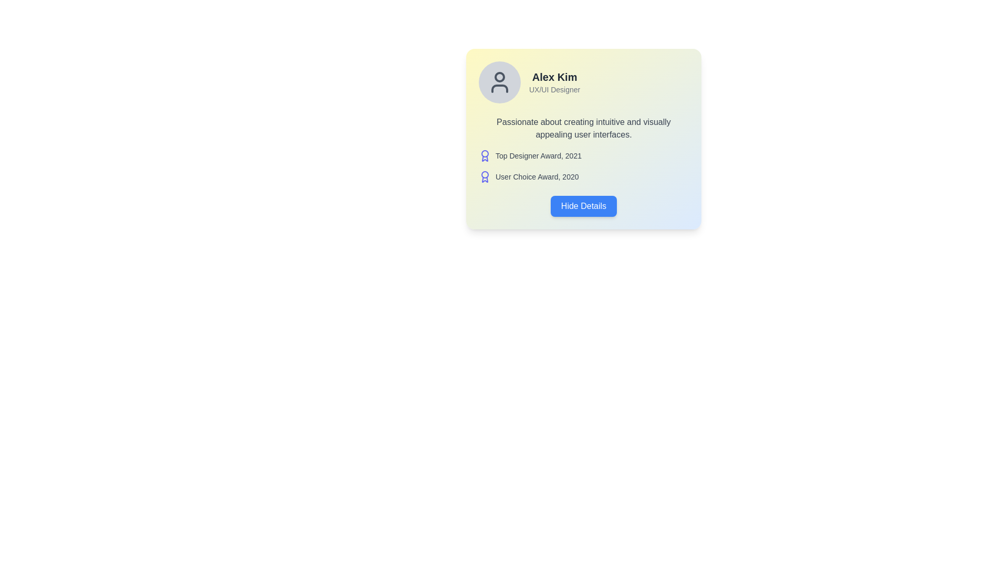 The image size is (1008, 567). Describe the element at coordinates (499, 82) in the screenshot. I see `the user icon, depicted as a minimalistic outline of a person in gray color, located in the top-left section of the card interface` at that location.